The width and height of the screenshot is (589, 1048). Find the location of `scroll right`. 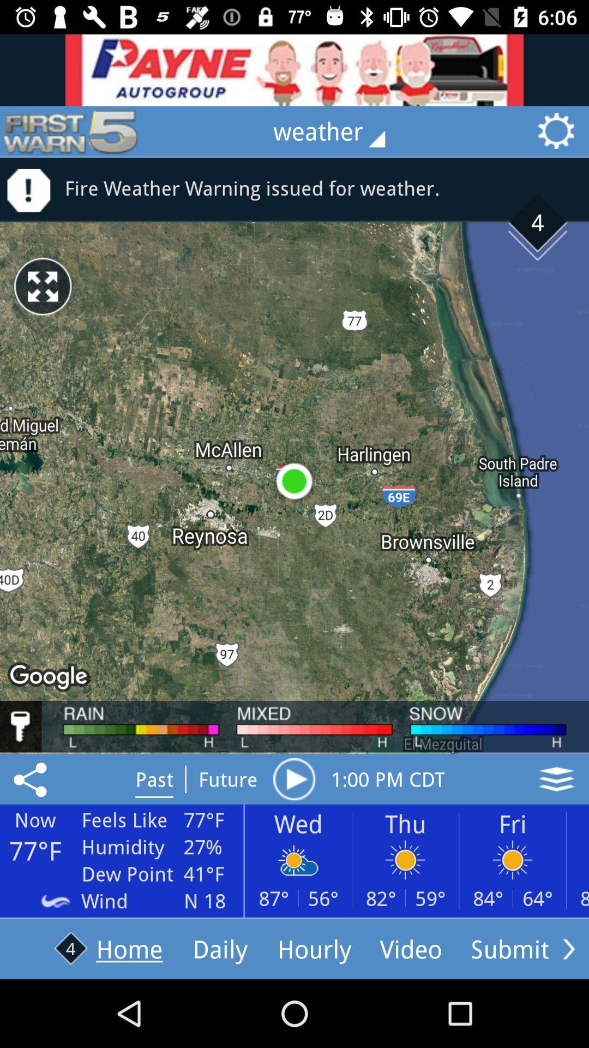

scroll right is located at coordinates (568, 948).